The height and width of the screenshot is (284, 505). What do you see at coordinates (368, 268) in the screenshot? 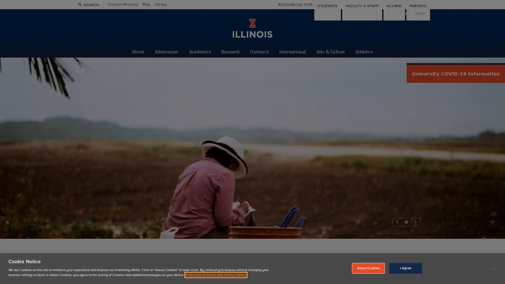
I see `About Cookies` at bounding box center [368, 268].